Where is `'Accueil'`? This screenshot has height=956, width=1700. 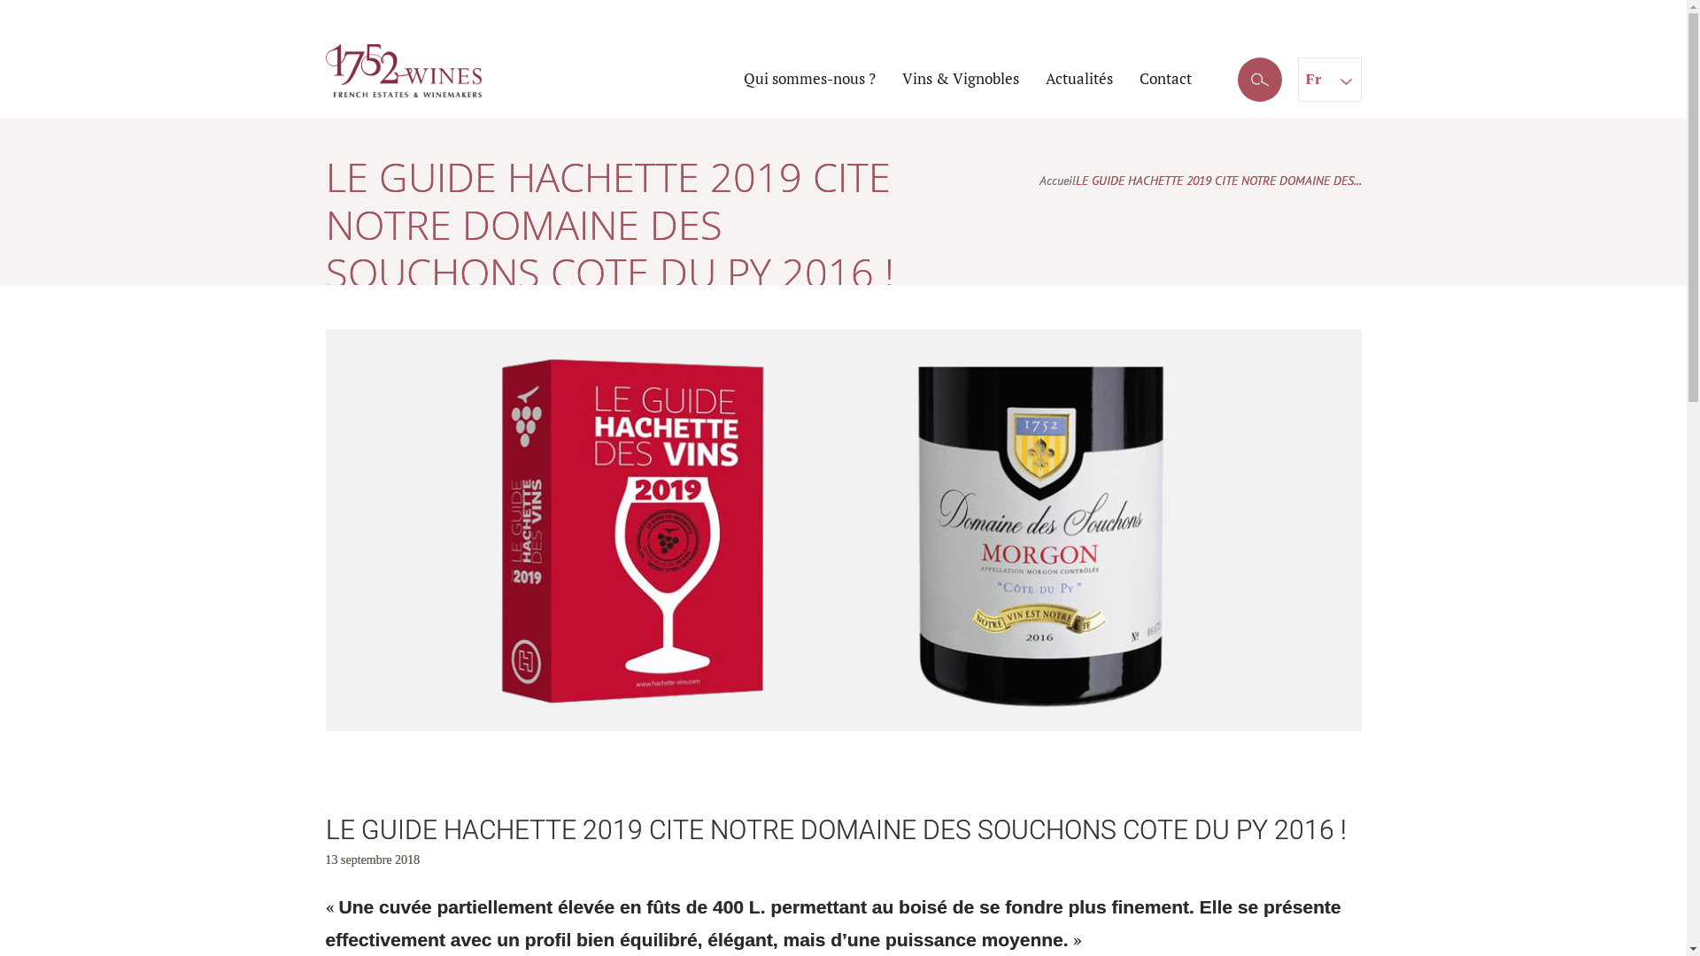
'Accueil' is located at coordinates (1057, 181).